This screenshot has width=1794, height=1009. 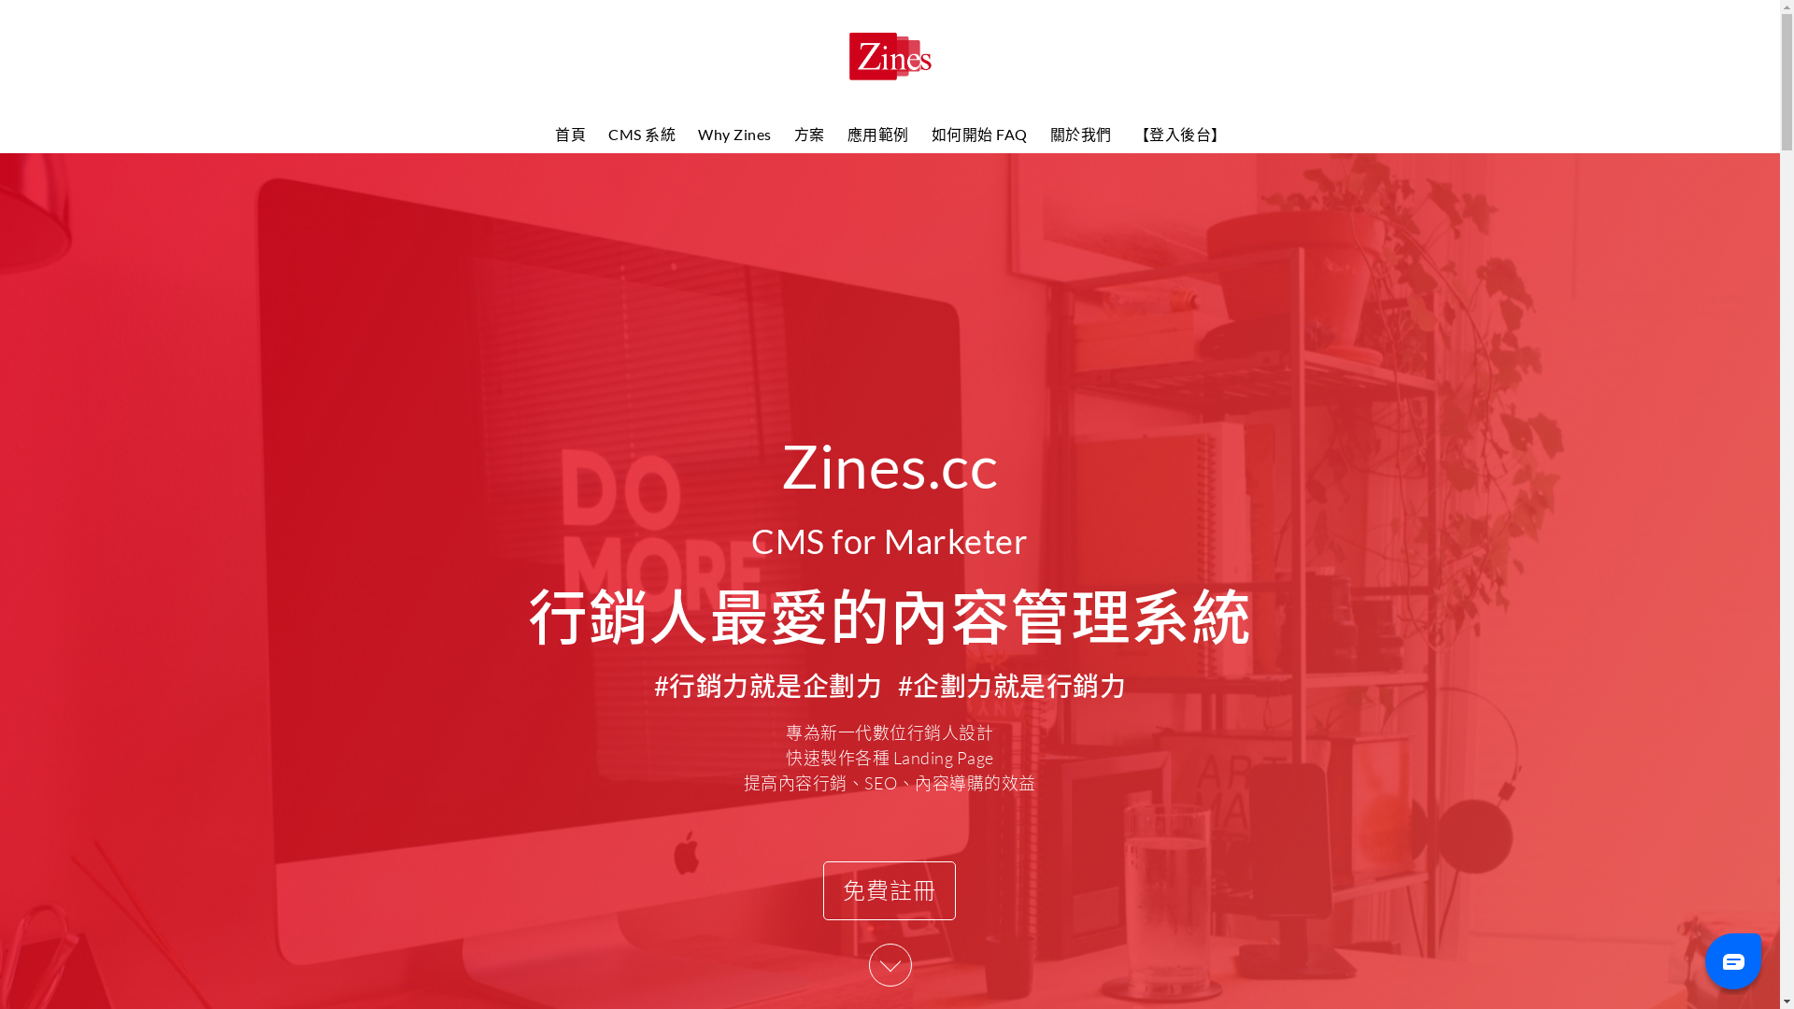 What do you see at coordinates (1731, 959) in the screenshot?
I see `'Chat'` at bounding box center [1731, 959].